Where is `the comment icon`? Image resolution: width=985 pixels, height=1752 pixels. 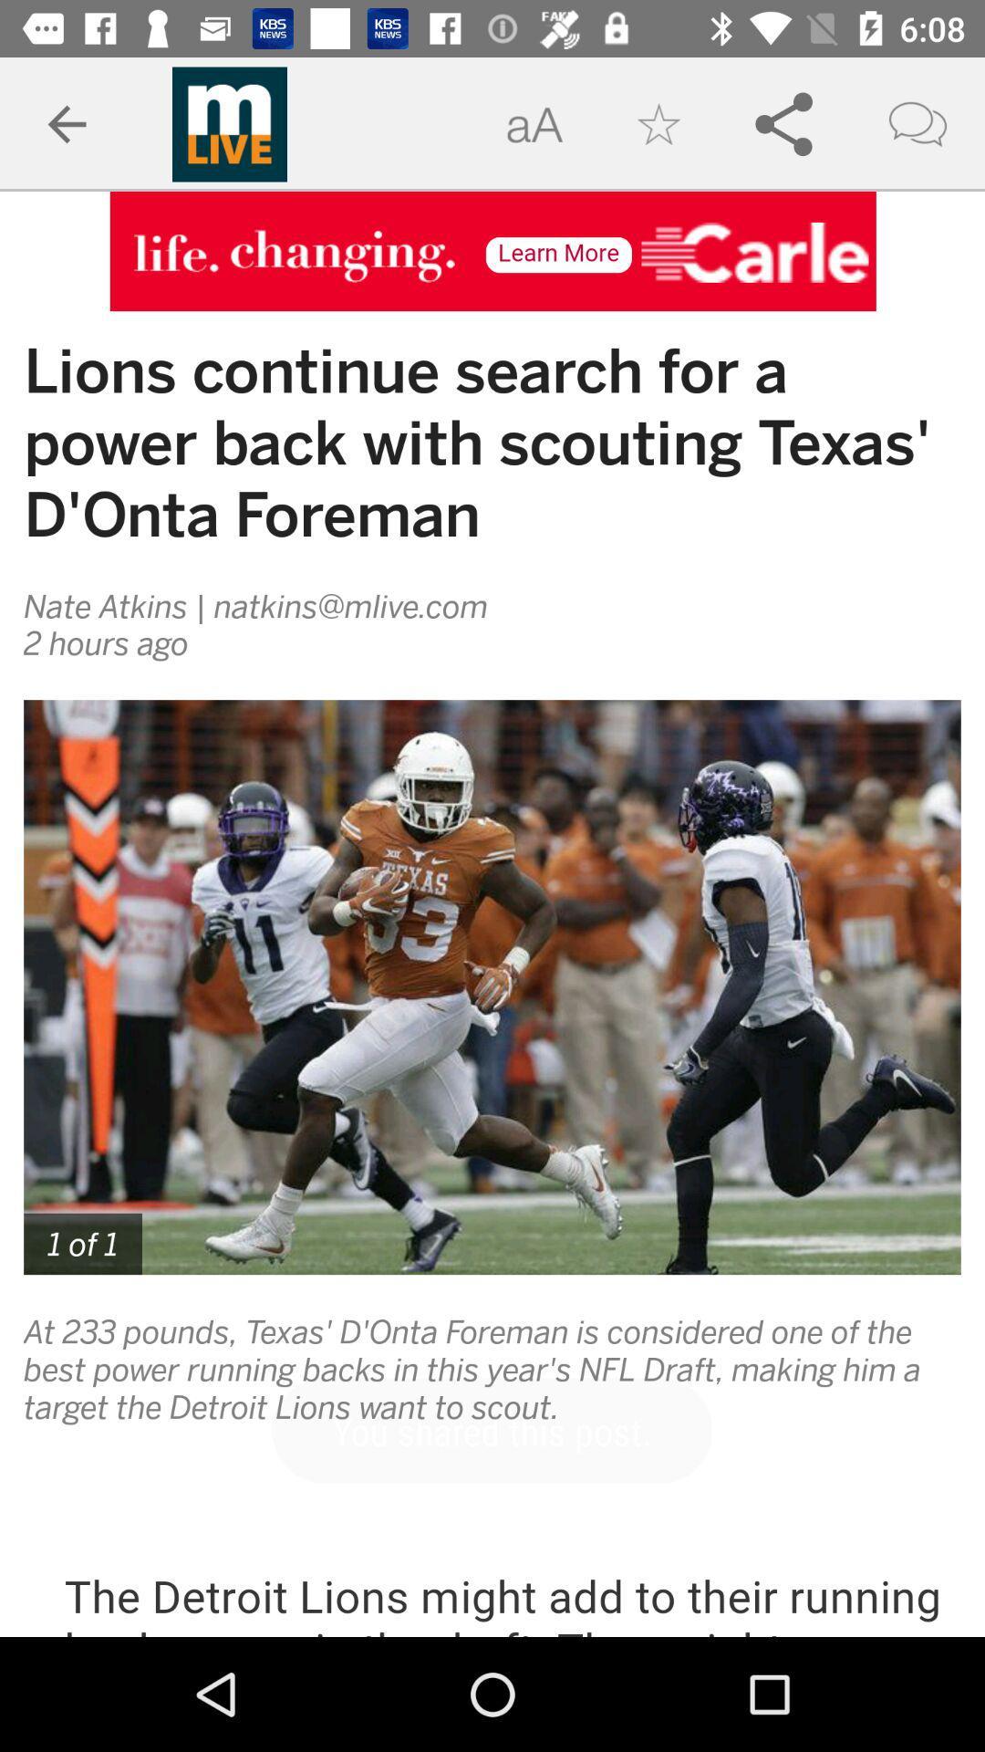
the comment icon is located at coordinates (918, 124).